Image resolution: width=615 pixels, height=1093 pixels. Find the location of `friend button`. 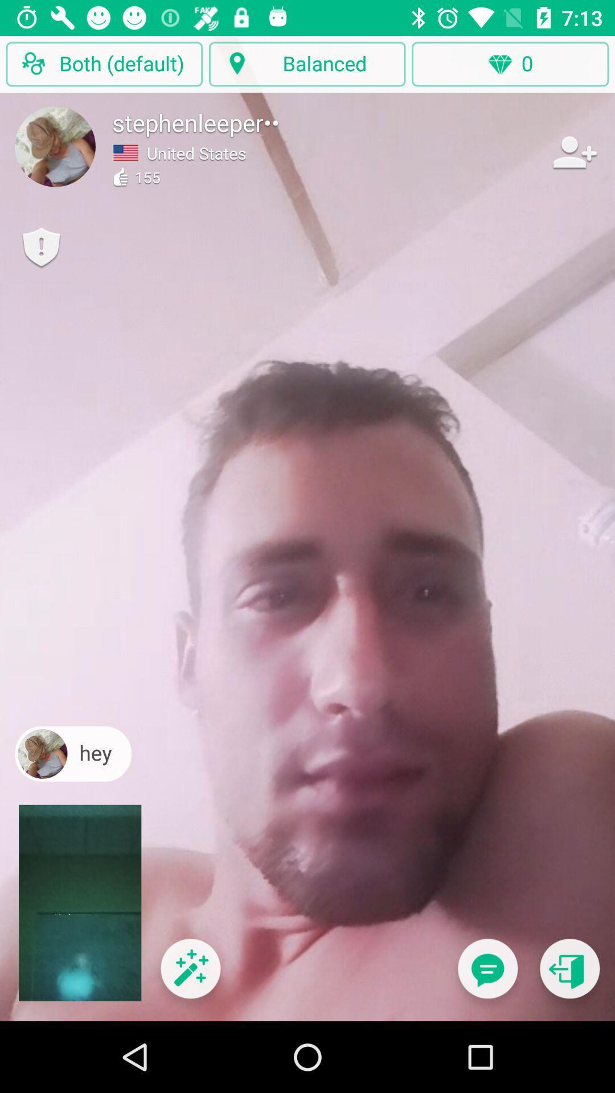

friend button is located at coordinates (573, 151).